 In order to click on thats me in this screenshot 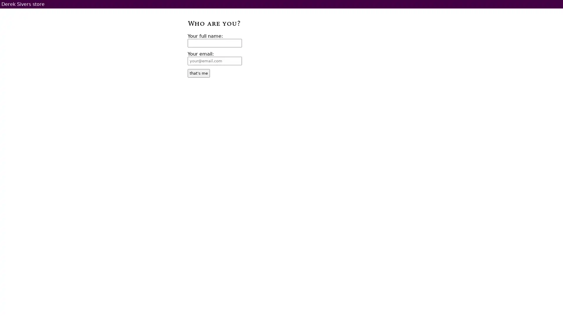, I will do `click(199, 73)`.